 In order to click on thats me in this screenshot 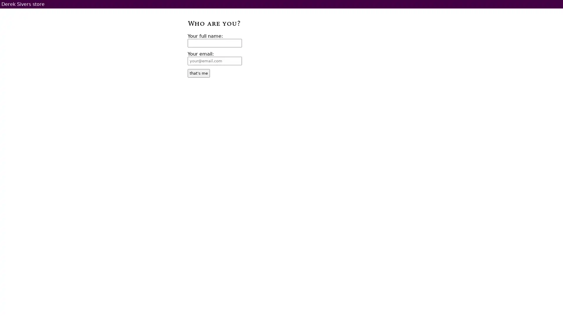, I will do `click(199, 73)`.